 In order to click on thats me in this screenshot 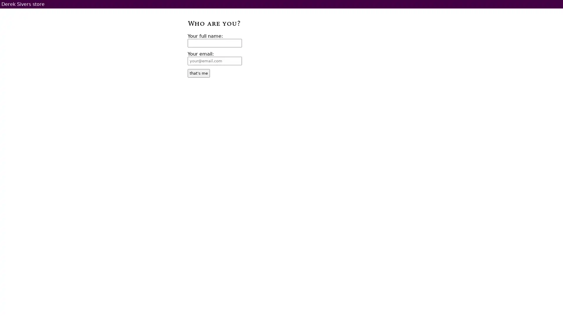, I will do `click(199, 73)`.